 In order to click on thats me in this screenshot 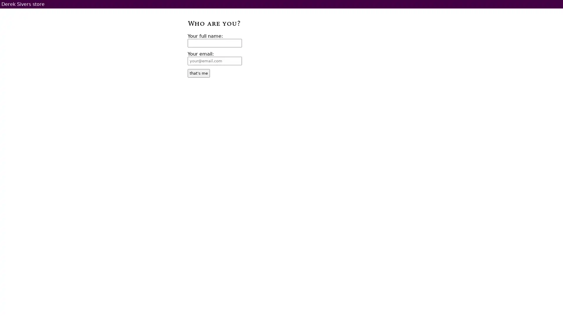, I will do `click(199, 73)`.